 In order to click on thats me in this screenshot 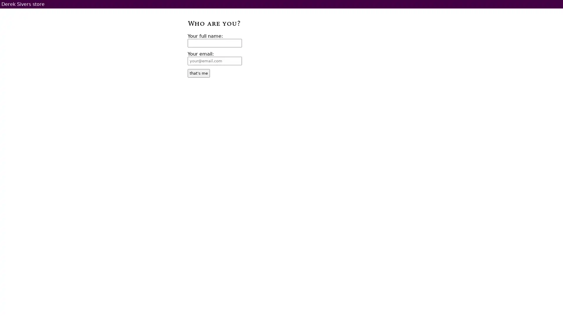, I will do `click(199, 73)`.